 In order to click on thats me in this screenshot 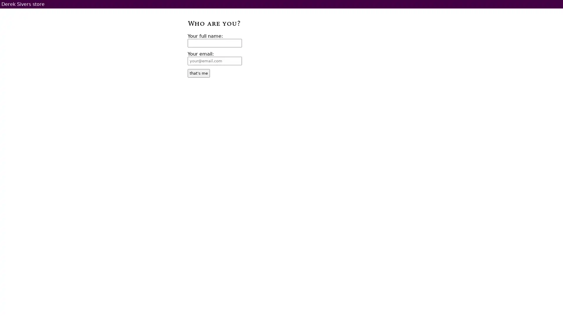, I will do `click(199, 73)`.